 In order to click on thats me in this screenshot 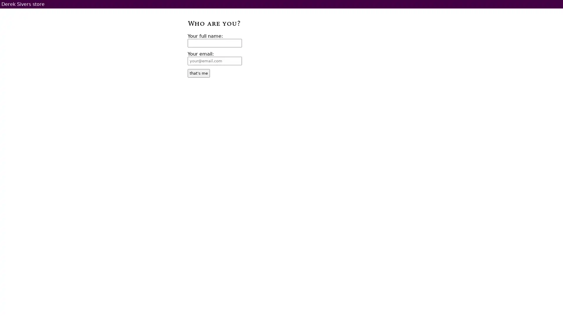, I will do `click(199, 73)`.